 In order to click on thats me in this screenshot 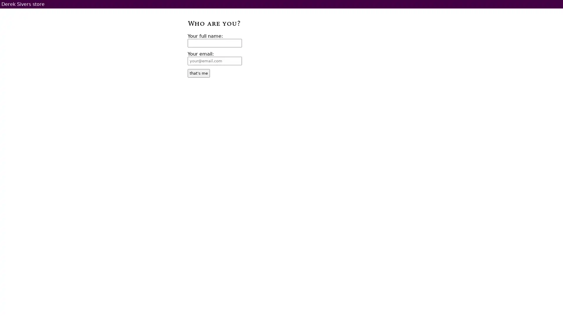, I will do `click(199, 73)`.